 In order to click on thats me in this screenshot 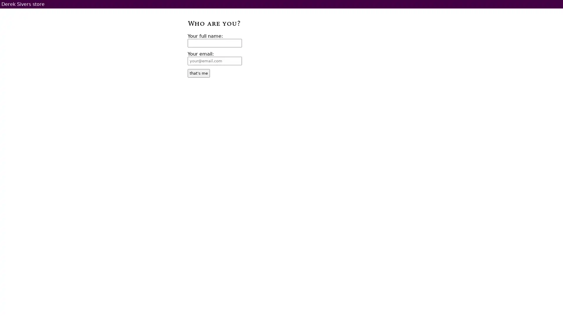, I will do `click(199, 73)`.